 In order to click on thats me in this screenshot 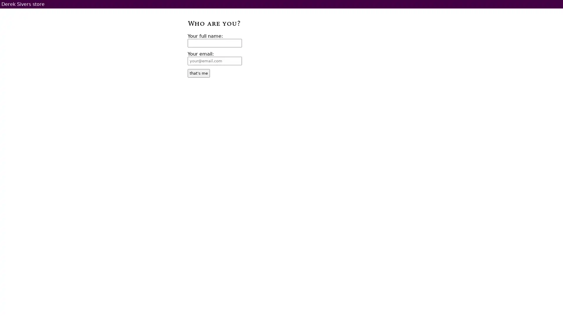, I will do `click(199, 73)`.